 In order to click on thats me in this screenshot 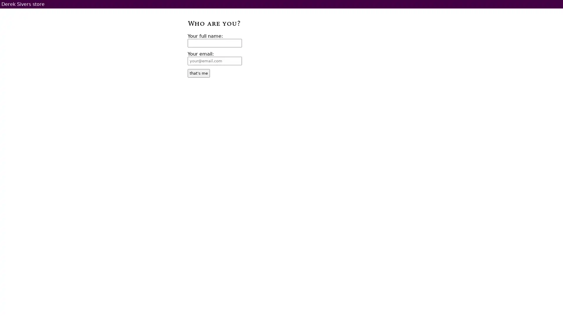, I will do `click(199, 73)`.